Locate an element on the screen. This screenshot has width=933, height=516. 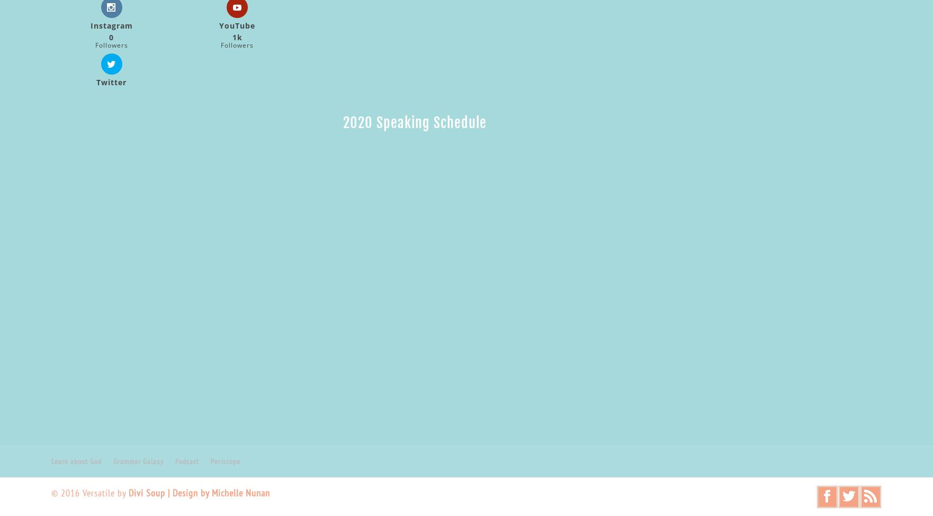
'Podcast' is located at coordinates (186, 460).